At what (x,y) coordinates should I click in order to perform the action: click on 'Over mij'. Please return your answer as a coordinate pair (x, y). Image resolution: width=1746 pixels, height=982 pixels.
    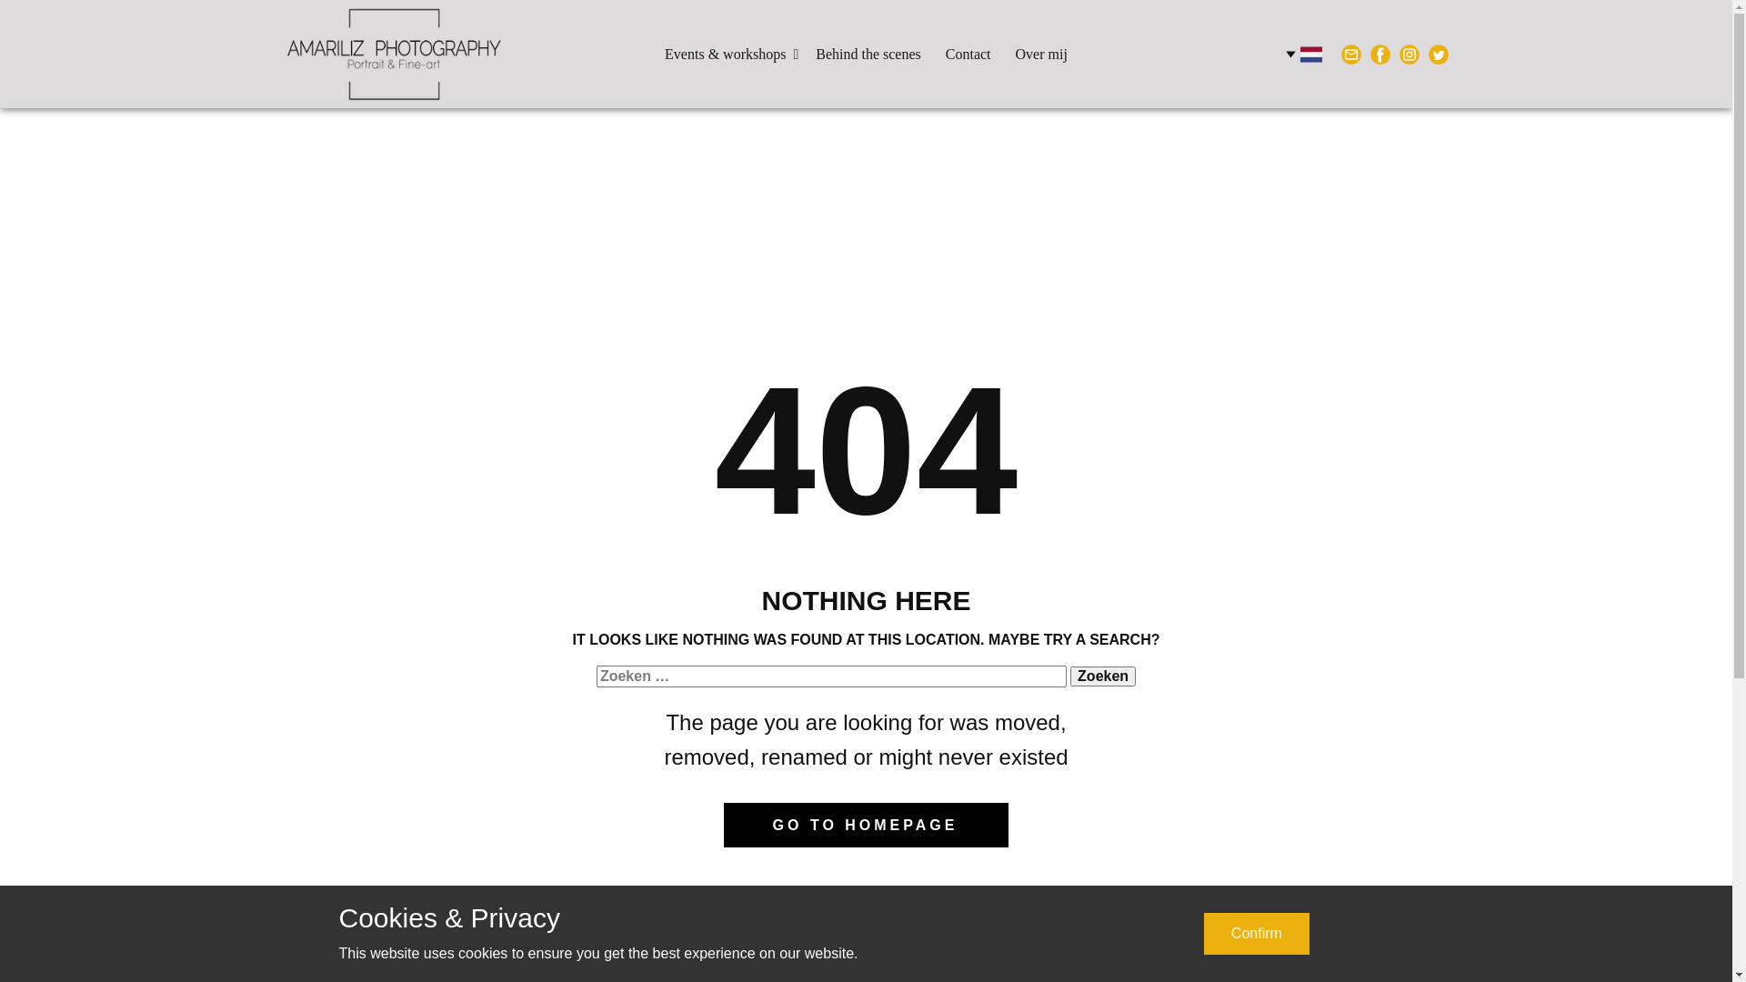
    Looking at the image, I should click on (1041, 54).